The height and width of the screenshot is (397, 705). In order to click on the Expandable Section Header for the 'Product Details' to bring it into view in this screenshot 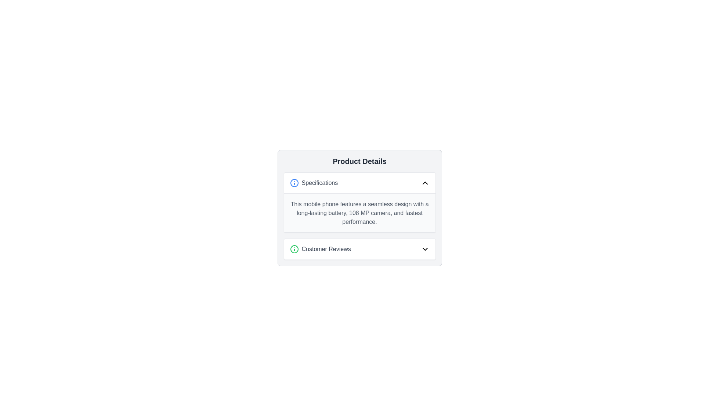, I will do `click(359, 182)`.